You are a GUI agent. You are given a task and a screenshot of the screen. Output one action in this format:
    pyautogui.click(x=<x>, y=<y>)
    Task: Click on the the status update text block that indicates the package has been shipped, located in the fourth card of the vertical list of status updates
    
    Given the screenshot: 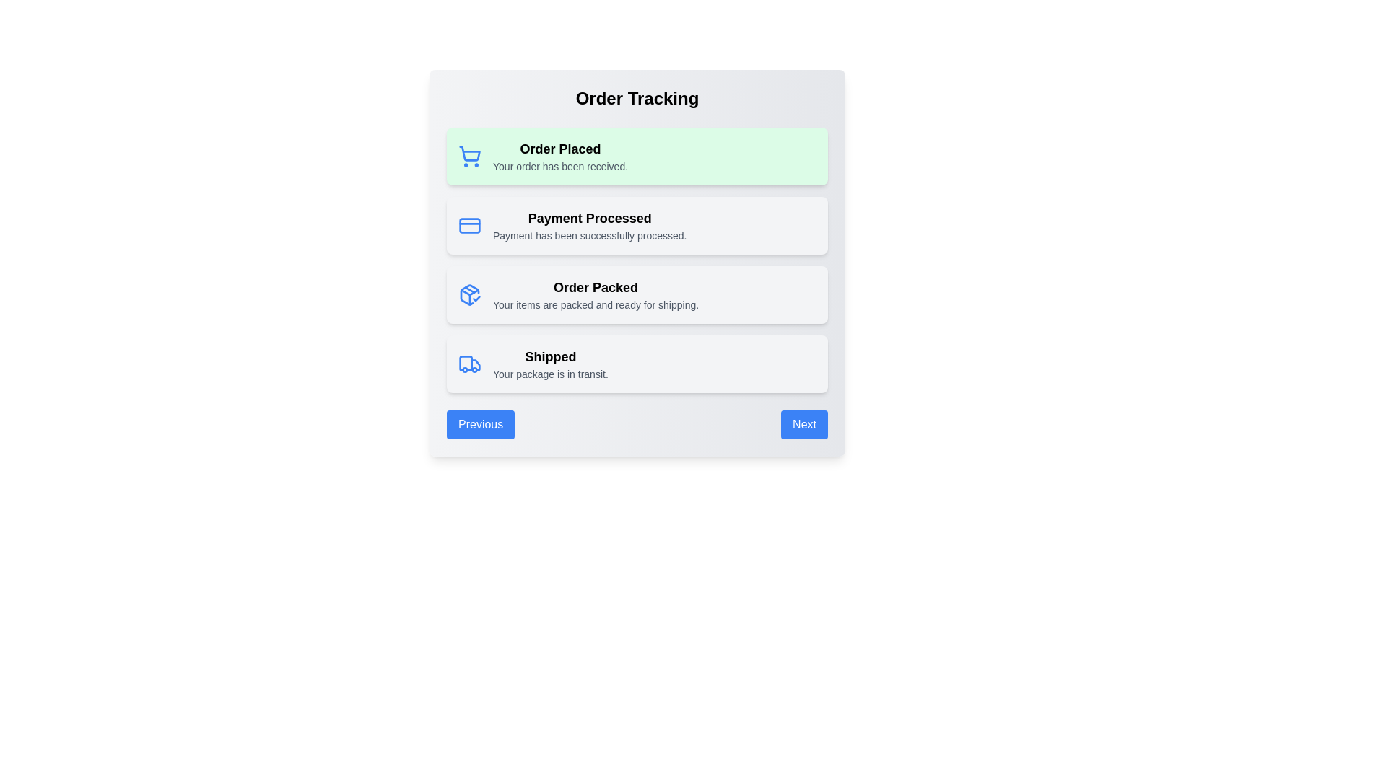 What is the action you would take?
    pyautogui.click(x=549, y=364)
    